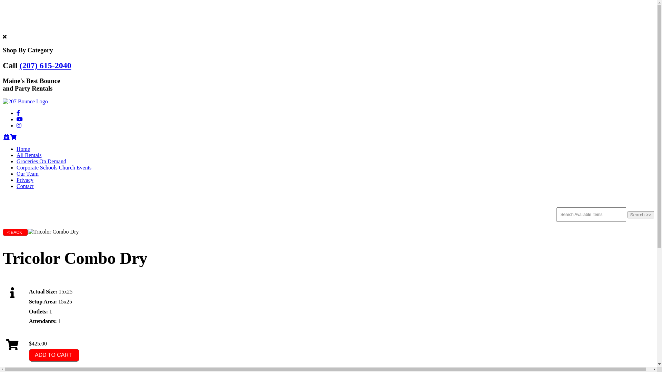 The height and width of the screenshot is (372, 662). What do you see at coordinates (41, 161) in the screenshot?
I see `'Groceries On Demand'` at bounding box center [41, 161].